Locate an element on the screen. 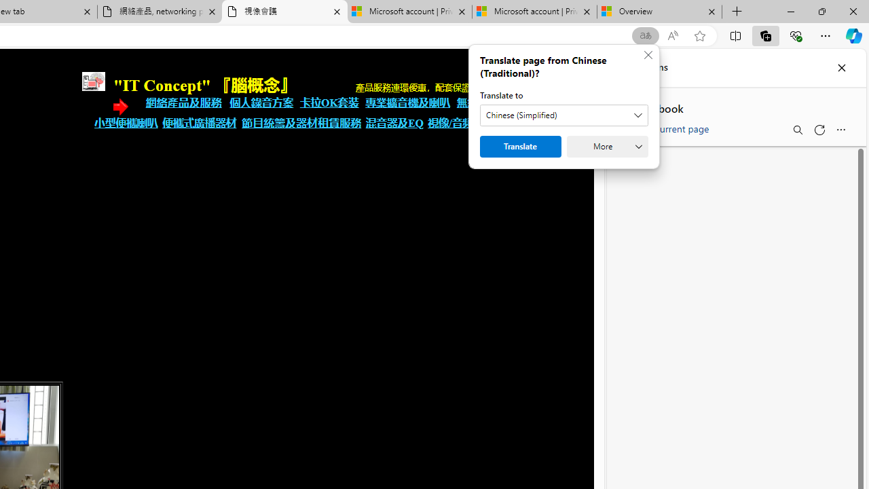 Image resolution: width=869 pixels, height=489 pixels. 'More' is located at coordinates (606, 147).